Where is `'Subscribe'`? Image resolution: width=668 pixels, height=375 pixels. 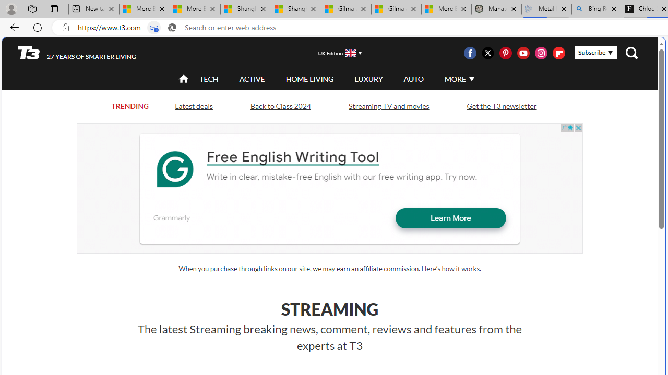
'Subscribe' is located at coordinates (595, 53).